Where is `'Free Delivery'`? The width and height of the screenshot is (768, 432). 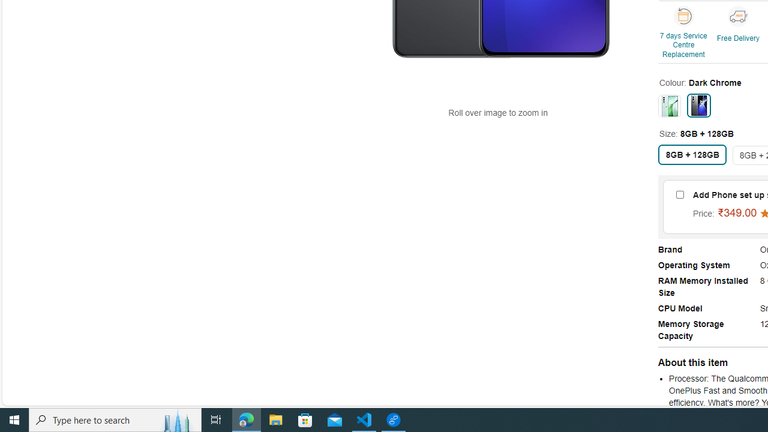 'Free Delivery' is located at coordinates (739, 33).